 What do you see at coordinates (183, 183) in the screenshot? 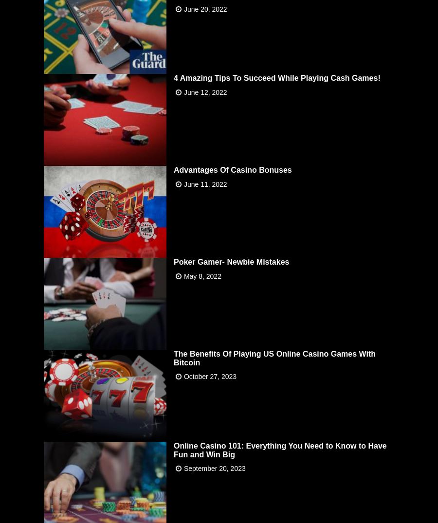
I see `'June 11, 2022'` at bounding box center [183, 183].